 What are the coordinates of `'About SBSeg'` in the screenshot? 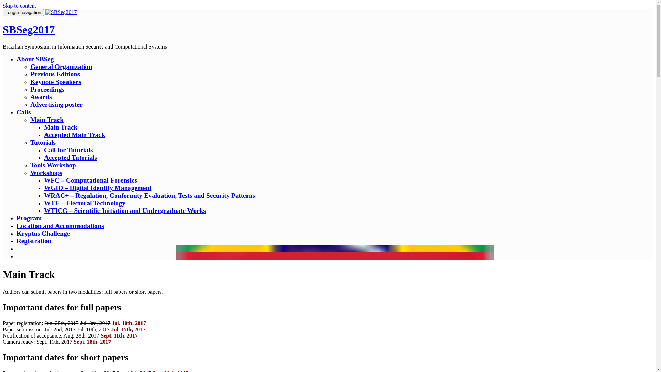 It's located at (34, 59).